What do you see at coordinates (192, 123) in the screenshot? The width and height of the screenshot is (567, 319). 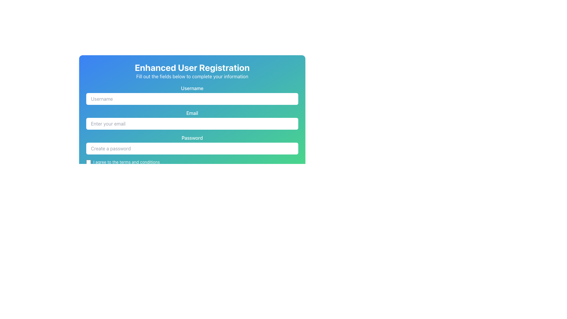 I see `the email input field in the 'Enhanced User Registration' form by pressing Tab` at bounding box center [192, 123].